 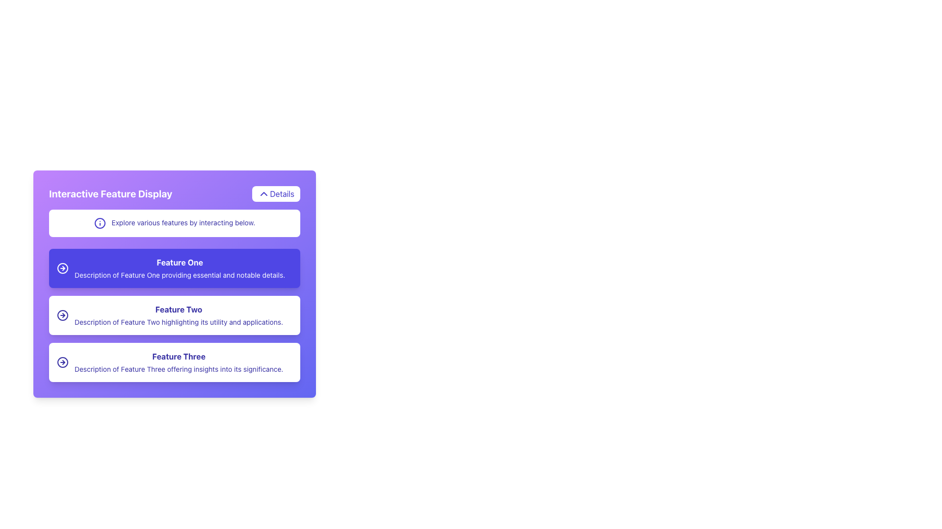 I want to click on the circular graphical element inside the button labeled 'Feature Two', which represents moving forward or accessing more details about the corresponding feature, so click(x=62, y=315).